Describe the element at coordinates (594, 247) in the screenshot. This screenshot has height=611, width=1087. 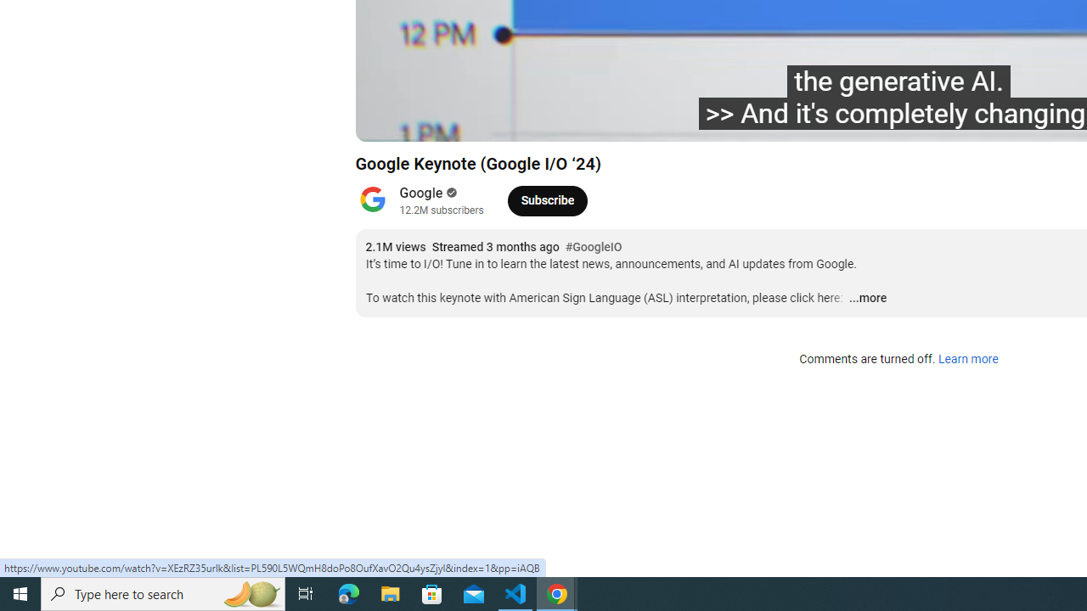
I see `'#GoogleIO'` at that location.